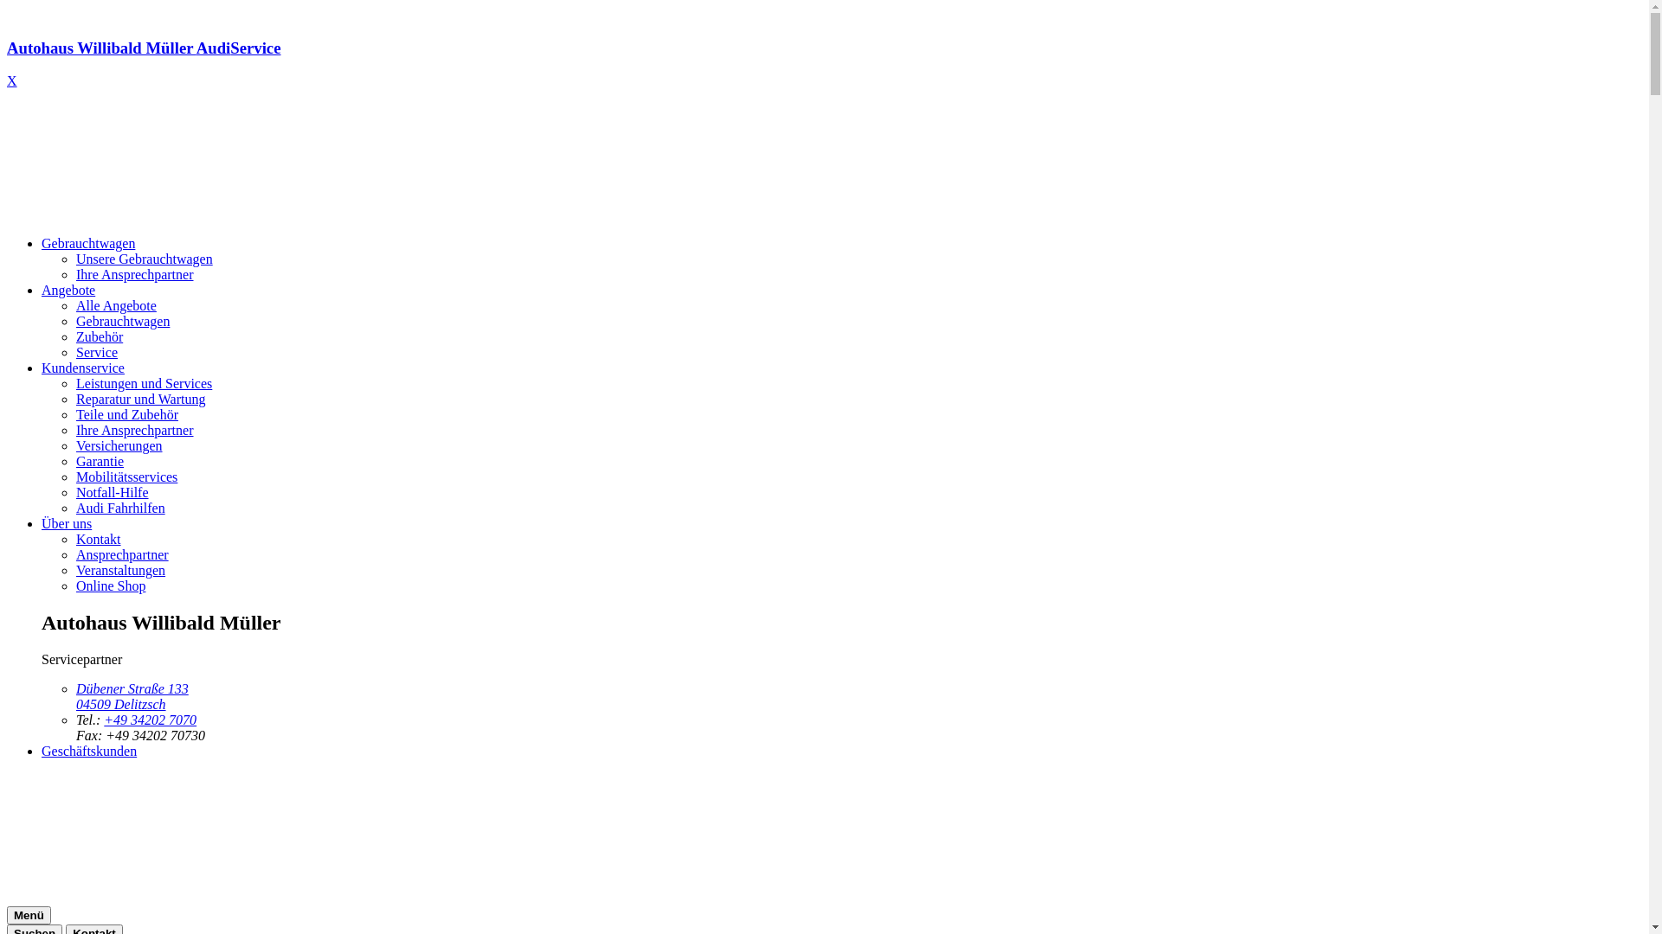  I want to click on 'Garantie', so click(99, 460).